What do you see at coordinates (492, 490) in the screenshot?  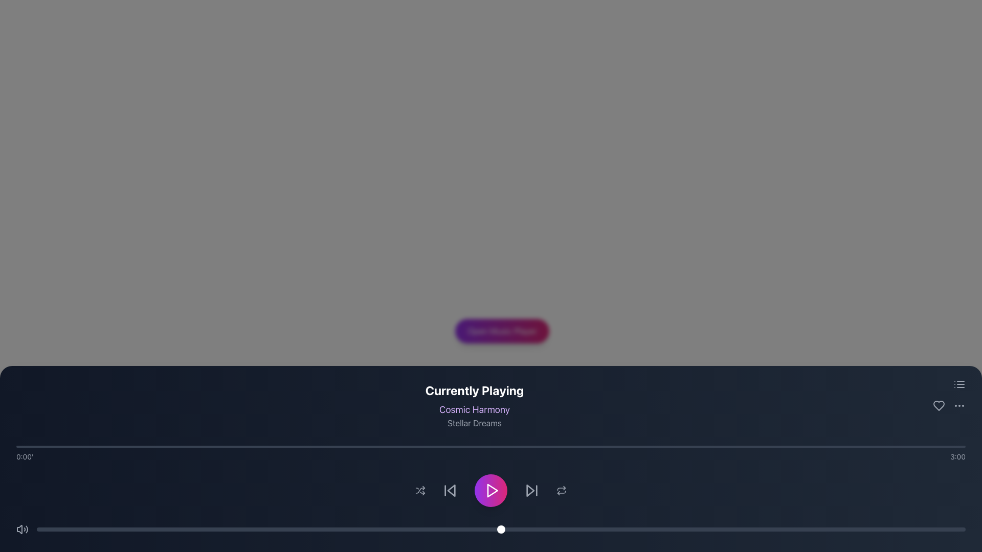 I see `the SVG-based Play Button, which is a white triangle icon within a pink gradient circle, to initiate playback` at bounding box center [492, 490].